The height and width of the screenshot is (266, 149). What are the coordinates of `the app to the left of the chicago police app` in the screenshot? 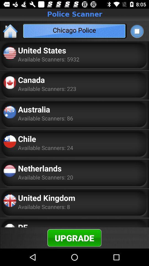 It's located at (10, 31).